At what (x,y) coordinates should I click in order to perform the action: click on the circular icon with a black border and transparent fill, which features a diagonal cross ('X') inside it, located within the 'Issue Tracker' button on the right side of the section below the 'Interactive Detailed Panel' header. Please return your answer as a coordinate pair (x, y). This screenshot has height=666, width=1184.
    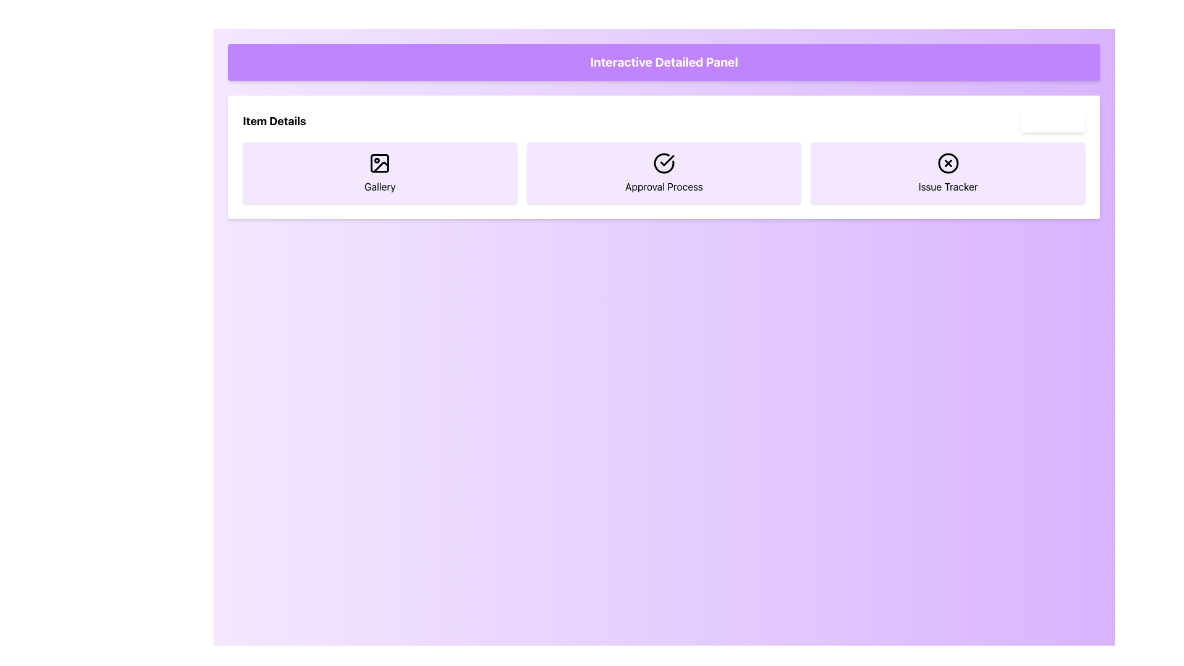
    Looking at the image, I should click on (947, 163).